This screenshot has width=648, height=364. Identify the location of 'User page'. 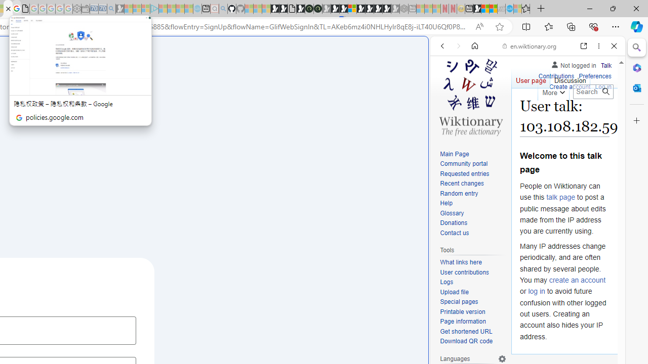
(530, 78).